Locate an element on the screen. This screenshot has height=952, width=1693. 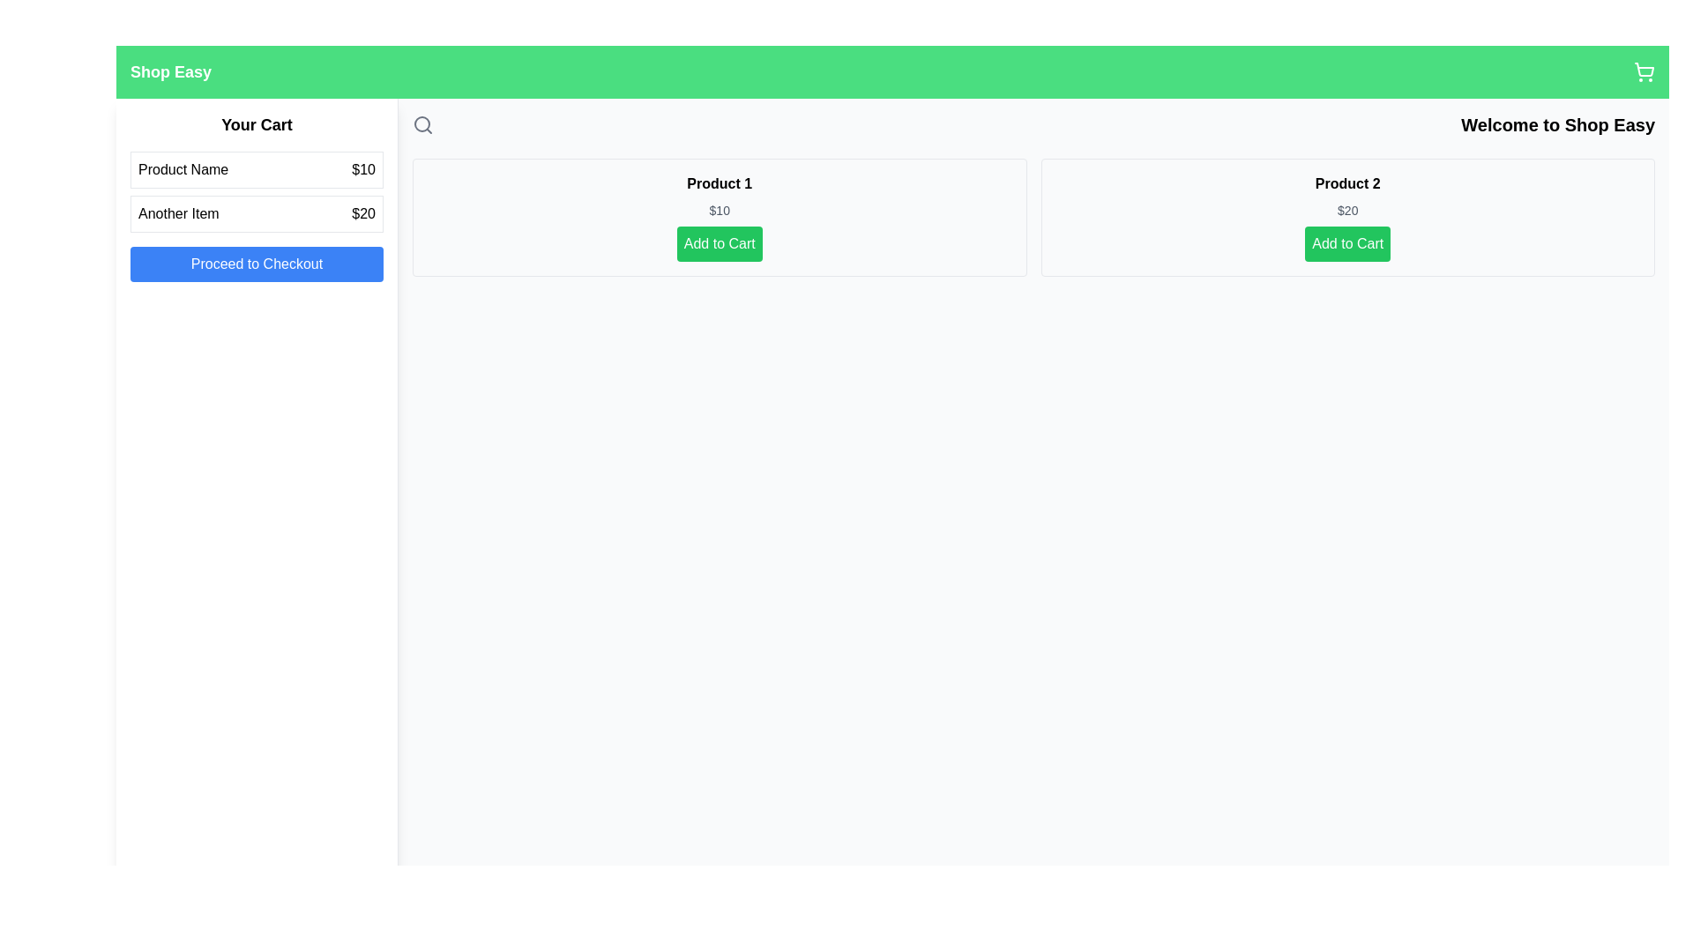
the blue rectangular button labeled 'Proceed to Checkout' located at the bottom of the 'Your Cart' sidebar is located at coordinates (256, 264).